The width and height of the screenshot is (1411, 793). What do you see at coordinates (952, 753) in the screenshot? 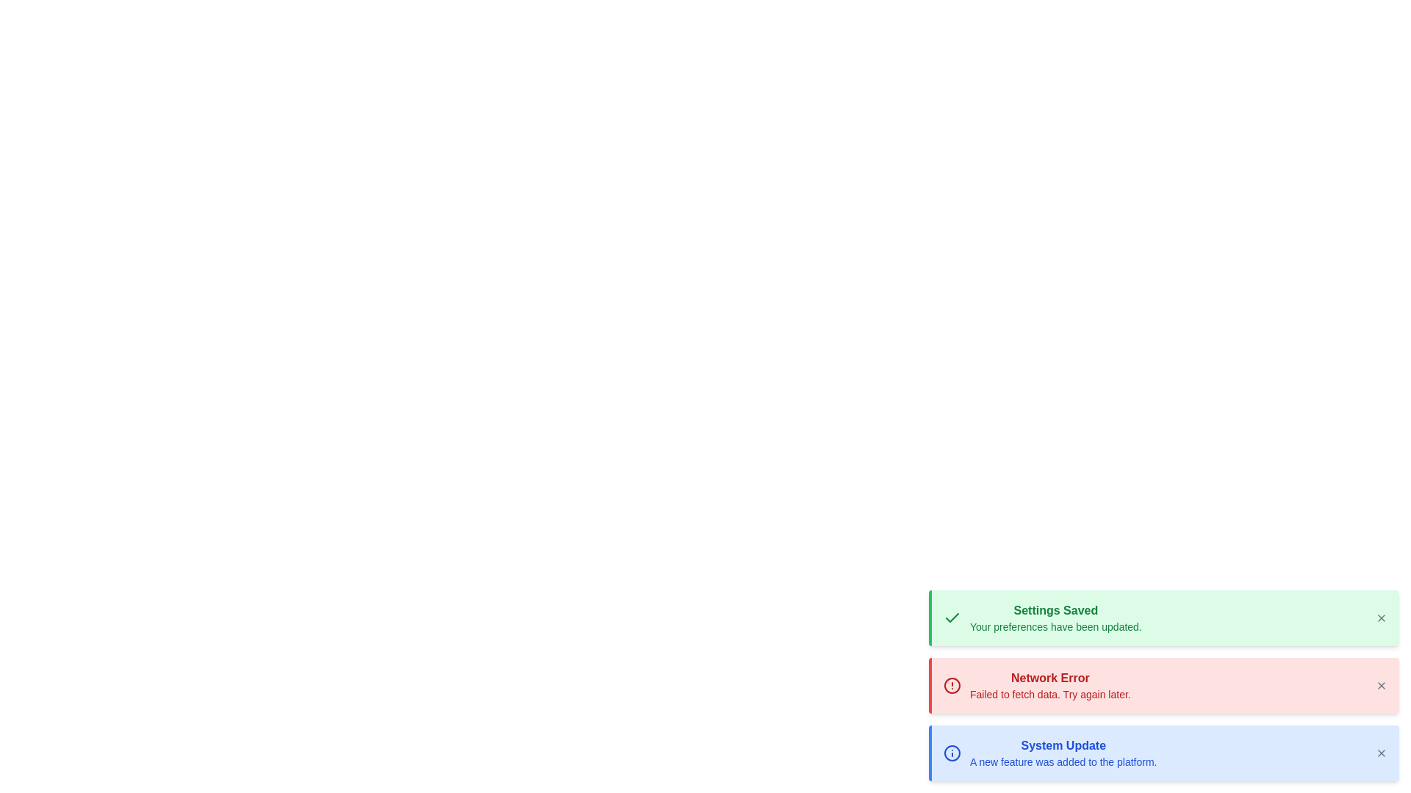
I see `the information icon located on the left side of the 'System Update' notification block, which features a circular outline with a vertical line and a dot at the top` at bounding box center [952, 753].